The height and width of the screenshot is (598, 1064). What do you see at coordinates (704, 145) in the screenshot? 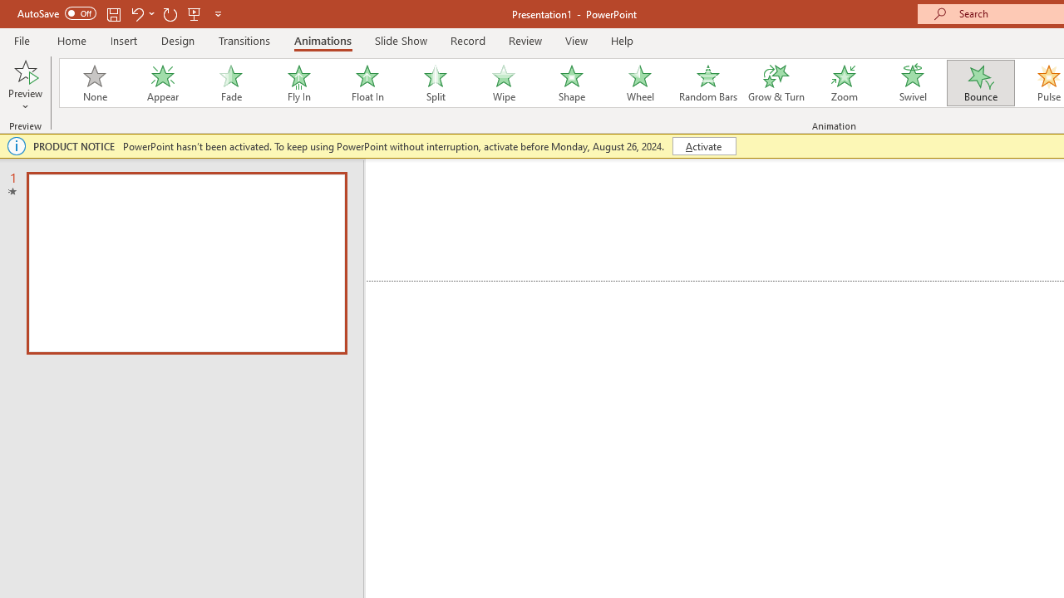
I see `'Activate'` at bounding box center [704, 145].